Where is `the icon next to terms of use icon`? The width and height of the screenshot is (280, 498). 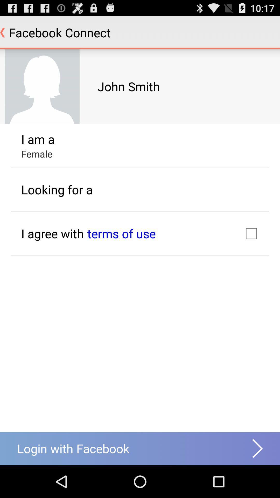
the icon next to terms of use icon is located at coordinates (251, 233).